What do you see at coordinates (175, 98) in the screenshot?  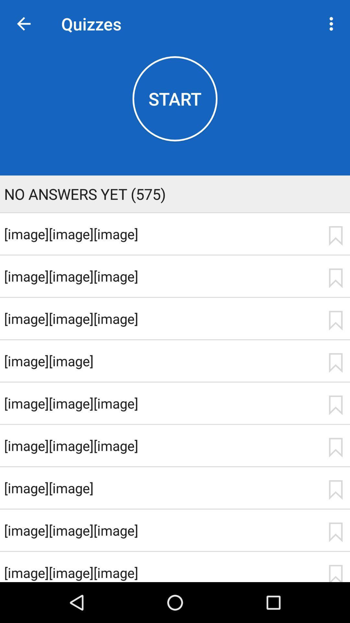 I see `start icon` at bounding box center [175, 98].